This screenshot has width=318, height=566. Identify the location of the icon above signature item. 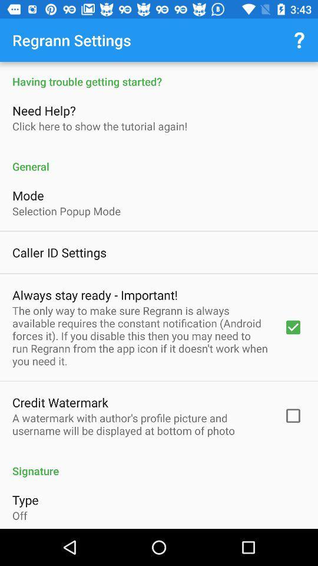
(140, 424).